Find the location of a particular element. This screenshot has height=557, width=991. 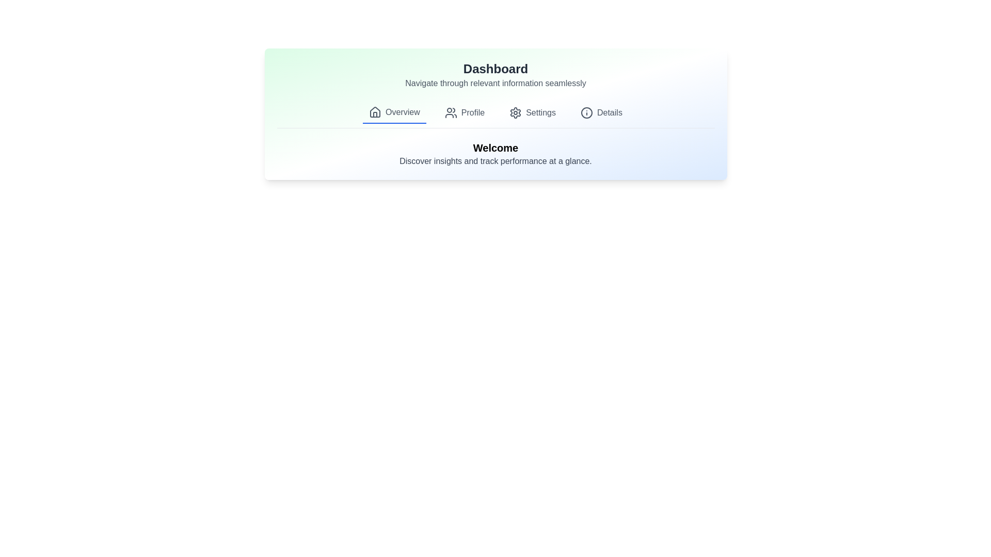

the bold, large-font text element displaying 'Dashboard' located at the top central region of the interface is located at coordinates (495, 69).